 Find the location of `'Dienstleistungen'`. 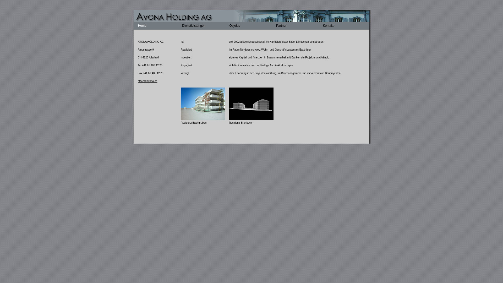

'Dienstleistungen' is located at coordinates (193, 25).